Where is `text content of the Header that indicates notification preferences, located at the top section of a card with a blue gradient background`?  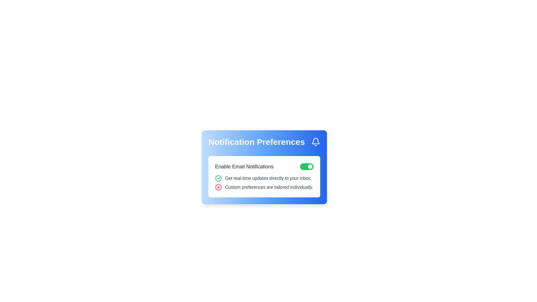 text content of the Header that indicates notification preferences, located at the top section of a card with a blue gradient background is located at coordinates (264, 142).